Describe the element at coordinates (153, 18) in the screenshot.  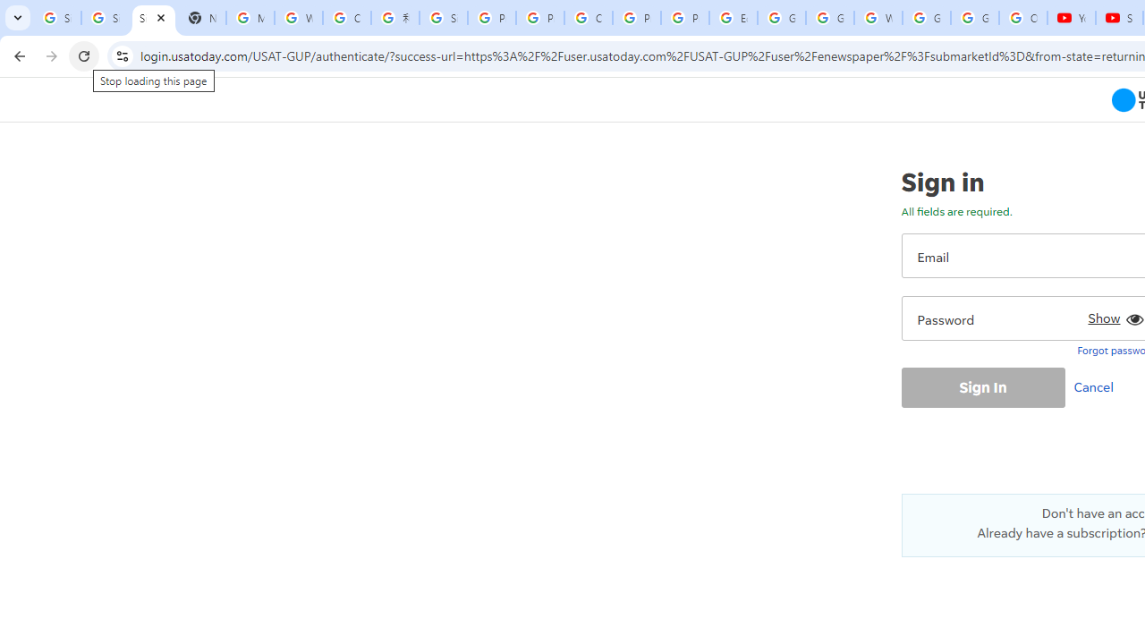
I see `'Sign In - USA TODAY'` at that location.